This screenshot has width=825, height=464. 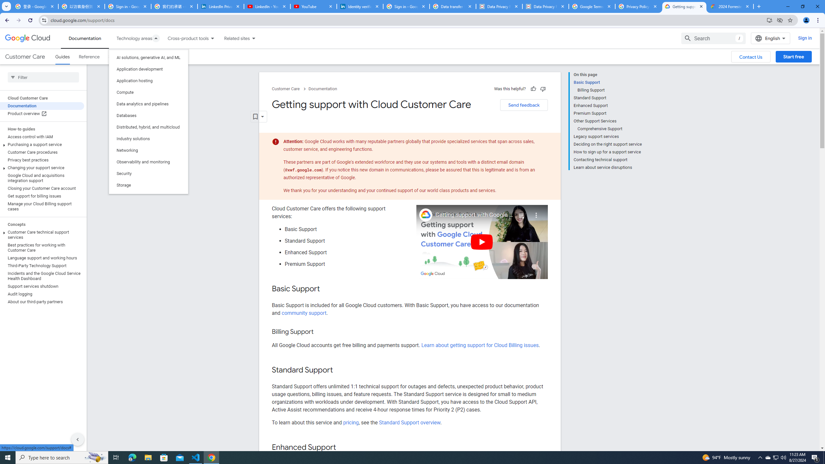 What do you see at coordinates (793, 57) in the screenshot?
I see `'Start free'` at bounding box center [793, 57].